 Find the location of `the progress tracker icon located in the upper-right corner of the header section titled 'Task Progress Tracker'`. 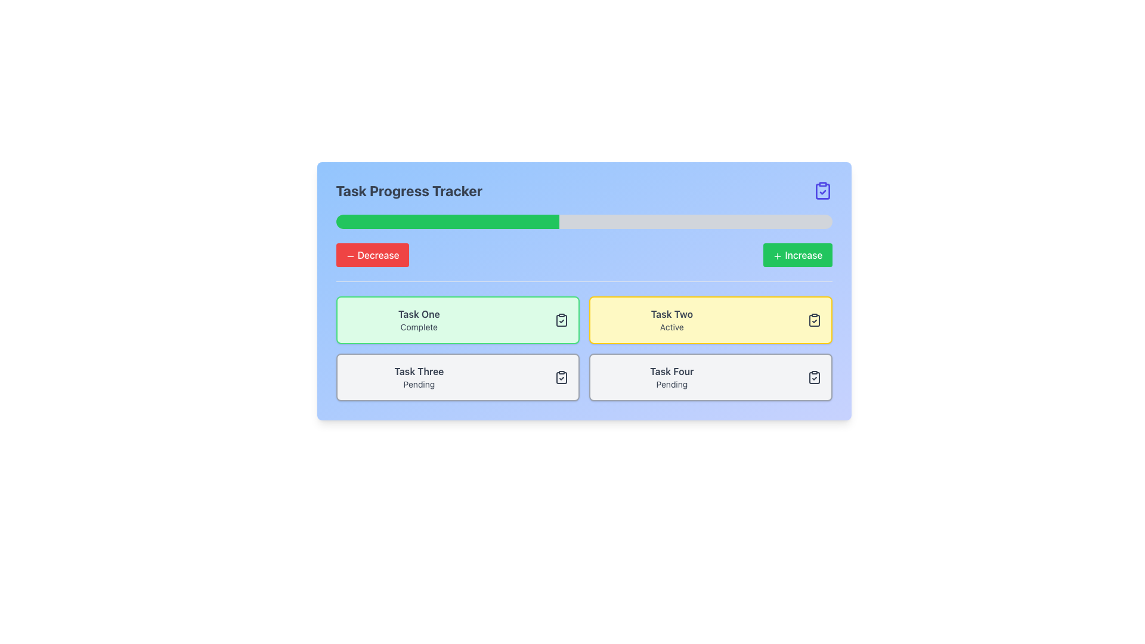

the progress tracker icon located in the upper-right corner of the header section titled 'Task Progress Tracker' is located at coordinates (822, 190).